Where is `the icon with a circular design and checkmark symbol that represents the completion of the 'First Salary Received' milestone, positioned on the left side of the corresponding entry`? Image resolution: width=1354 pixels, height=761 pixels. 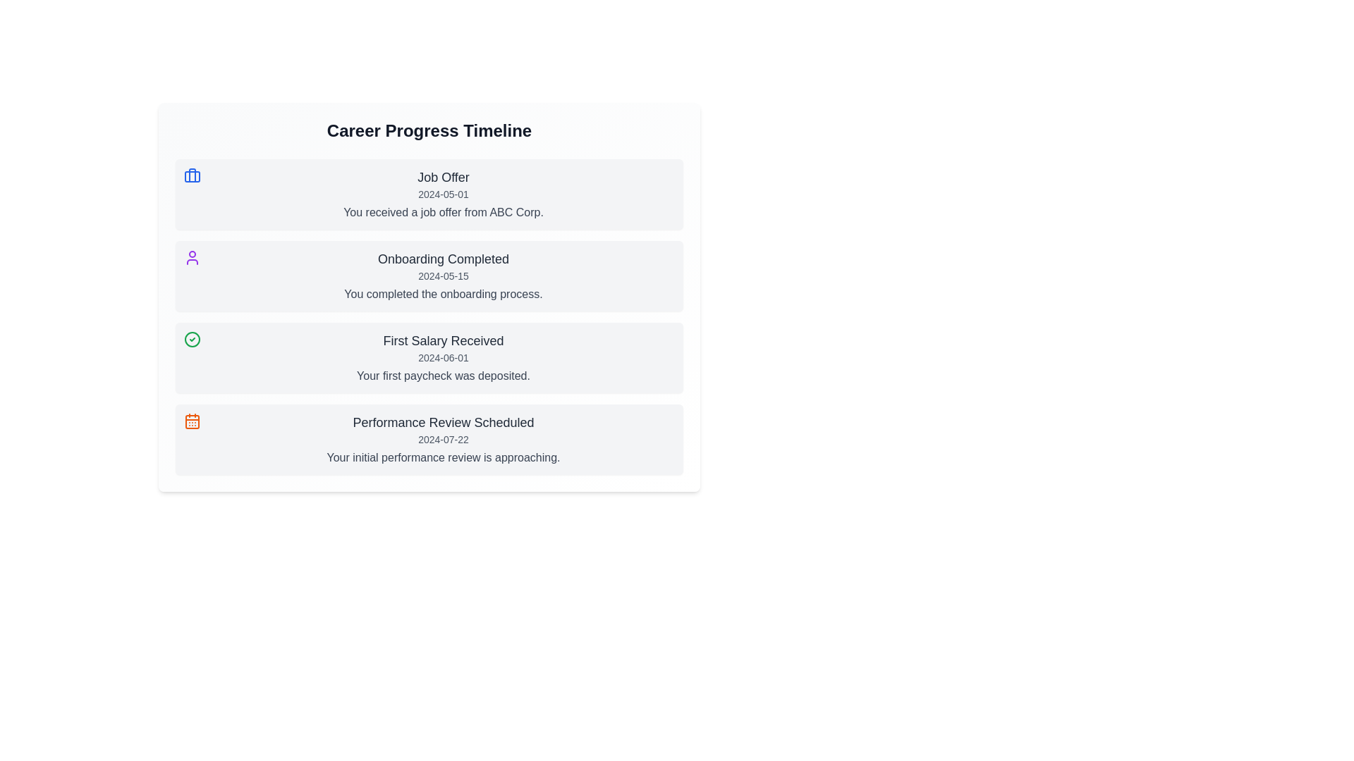
the icon with a circular design and checkmark symbol that represents the completion of the 'First Salary Received' milestone, positioned on the left side of the corresponding entry is located at coordinates (192, 340).